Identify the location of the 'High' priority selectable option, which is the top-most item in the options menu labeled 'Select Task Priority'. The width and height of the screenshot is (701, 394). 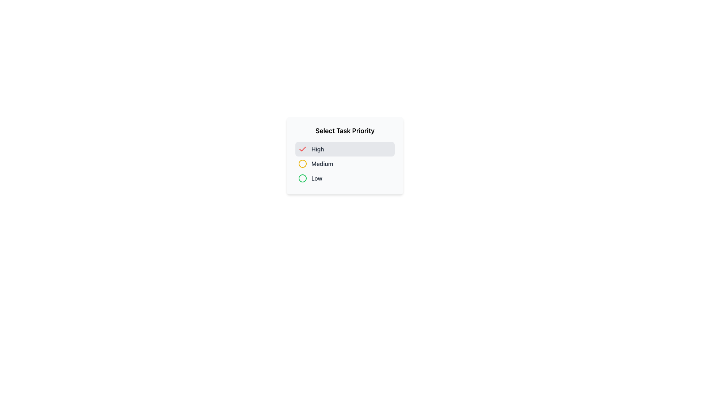
(345, 148).